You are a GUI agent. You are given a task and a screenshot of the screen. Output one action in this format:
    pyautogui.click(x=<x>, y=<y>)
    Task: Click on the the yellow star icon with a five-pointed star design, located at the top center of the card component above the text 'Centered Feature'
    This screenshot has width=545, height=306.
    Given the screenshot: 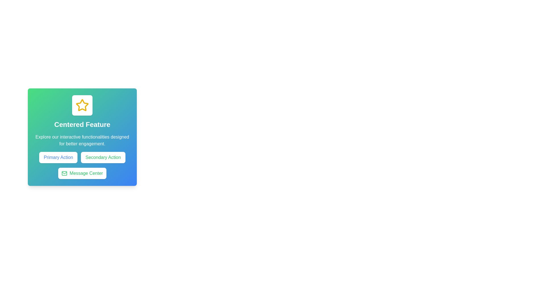 What is the action you would take?
    pyautogui.click(x=82, y=105)
    